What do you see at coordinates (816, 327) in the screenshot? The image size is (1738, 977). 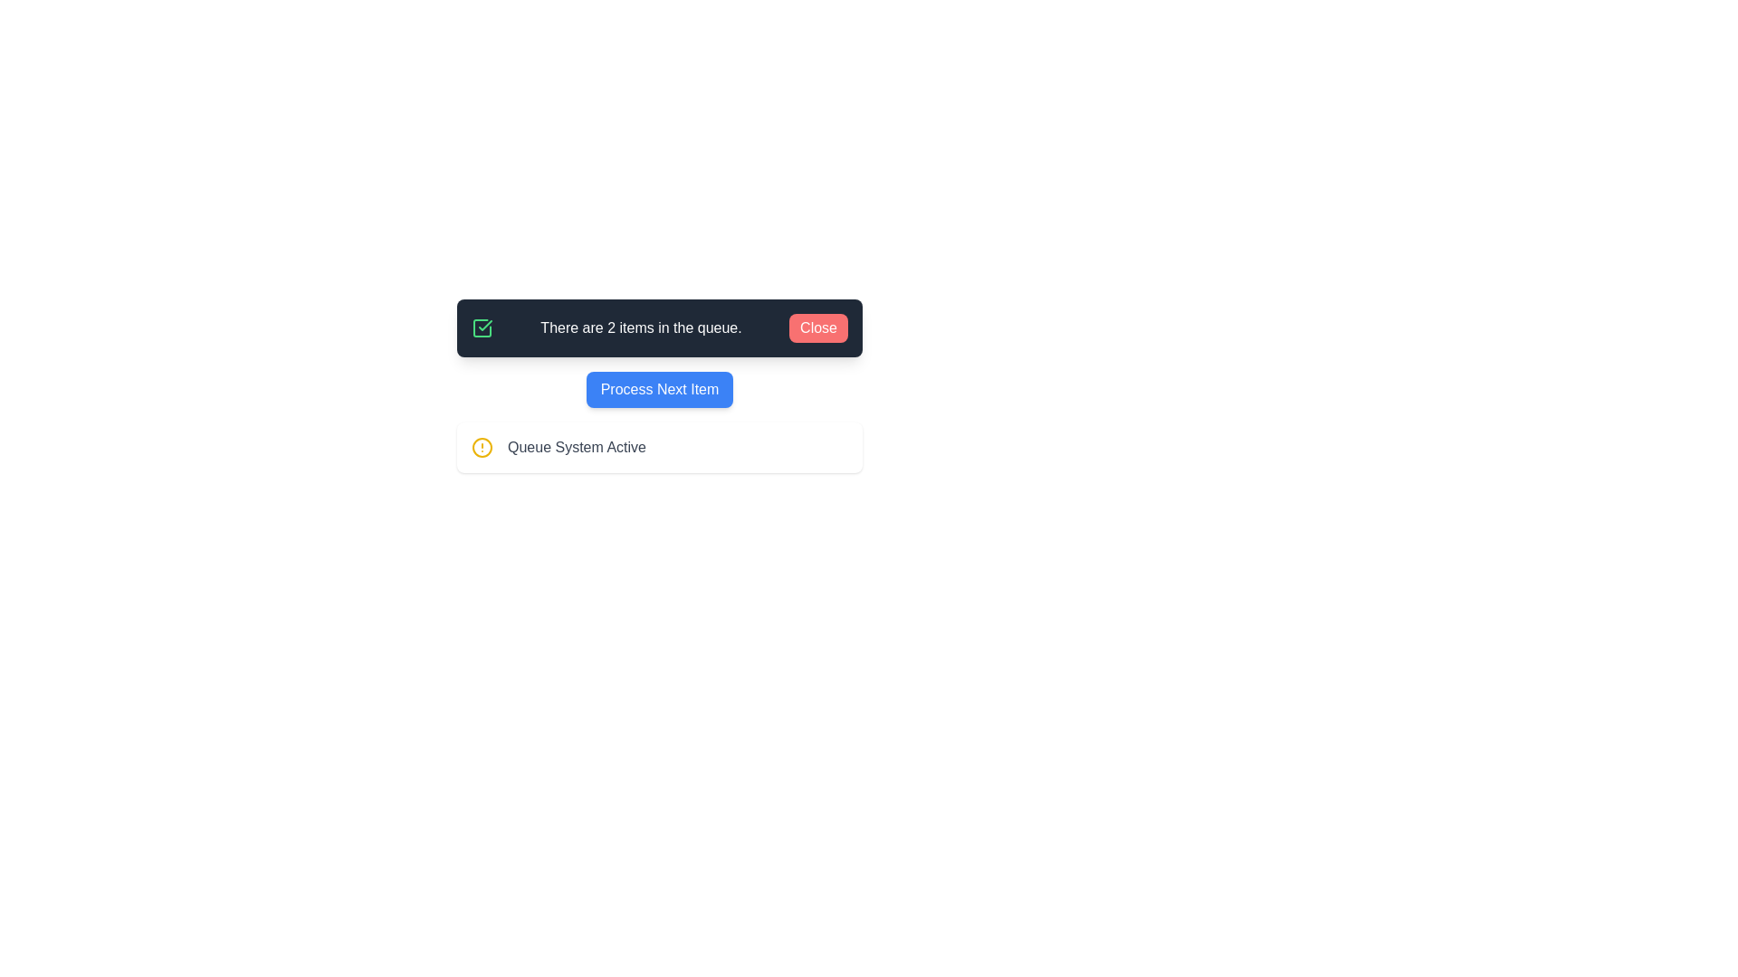 I see `'Close' button to close the snackbar notification` at bounding box center [816, 327].